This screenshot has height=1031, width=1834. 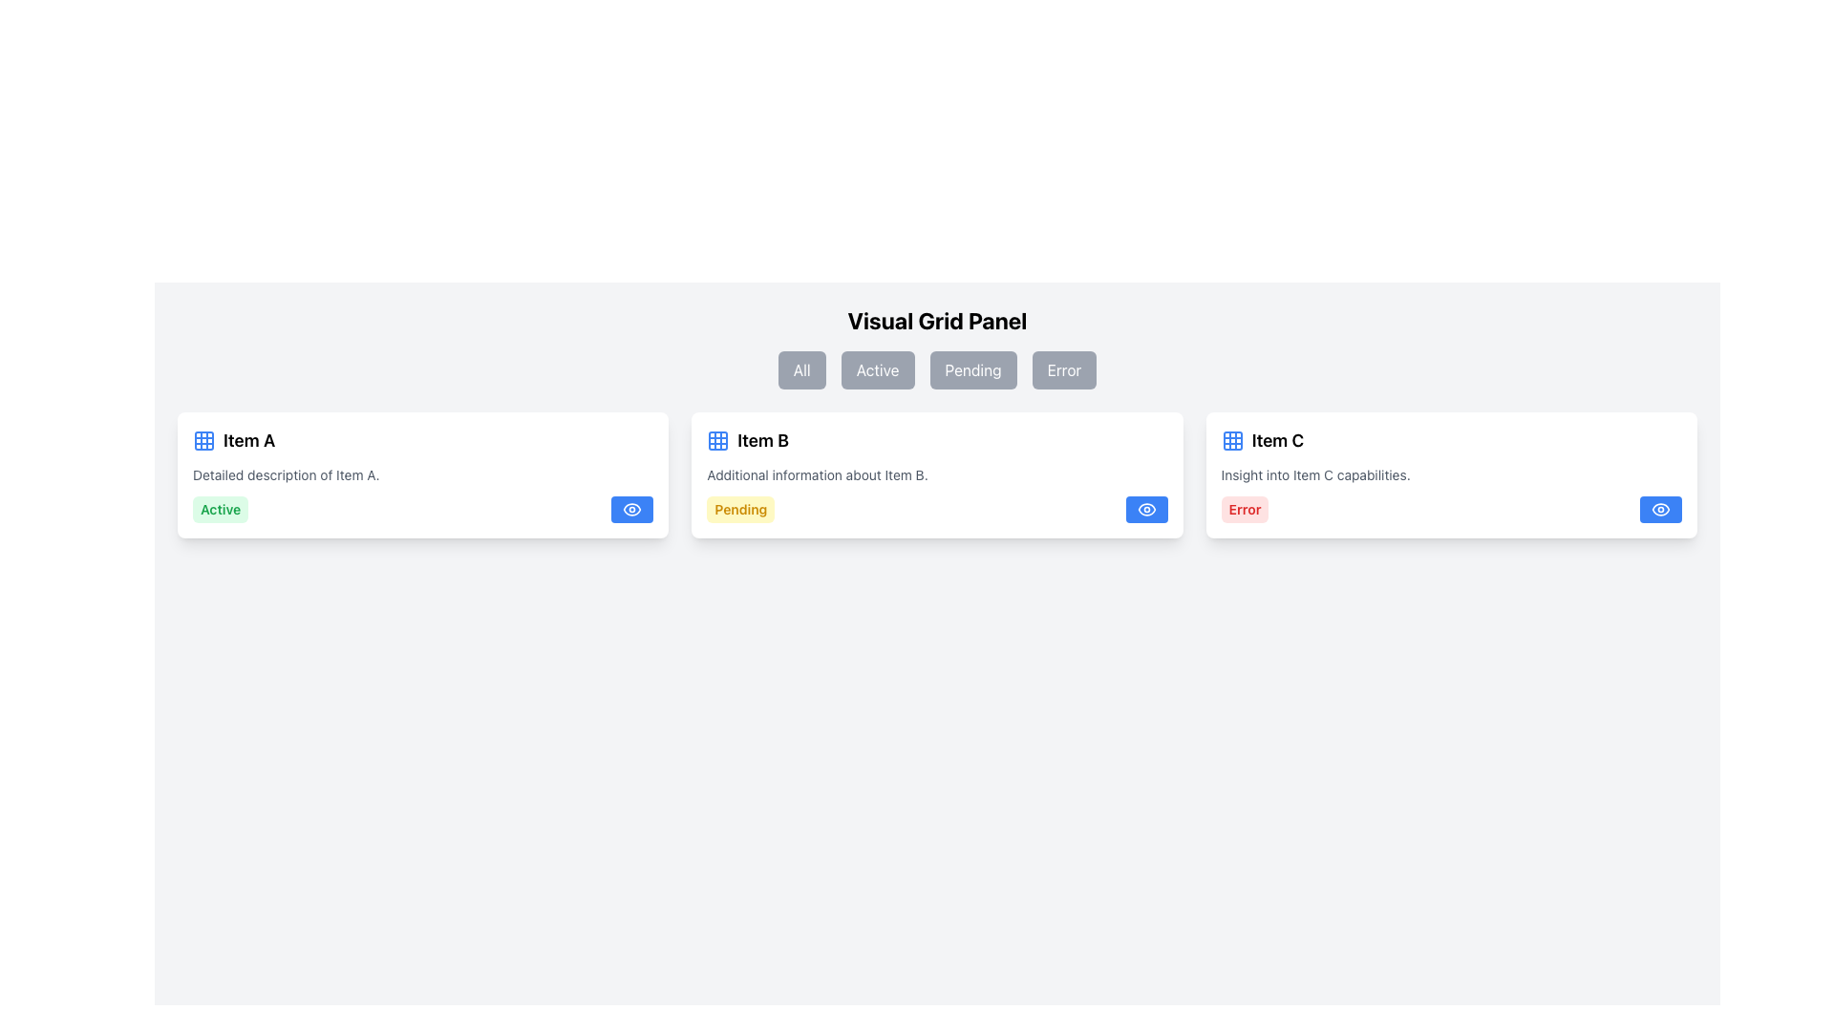 I want to click on additional descriptive information text located below the title 'Item B' and above the 'Pending' status indicator in the central section of the interface, so click(x=817, y=473).